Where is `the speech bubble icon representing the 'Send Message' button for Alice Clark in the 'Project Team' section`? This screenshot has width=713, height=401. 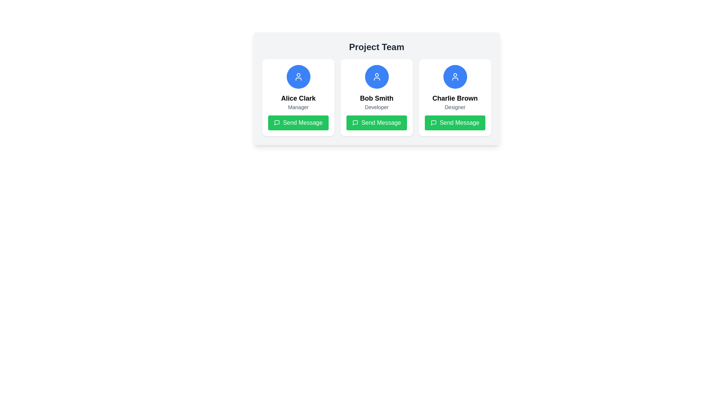 the speech bubble icon representing the 'Send Message' button for Alice Clark in the 'Project Team' section is located at coordinates (277, 123).